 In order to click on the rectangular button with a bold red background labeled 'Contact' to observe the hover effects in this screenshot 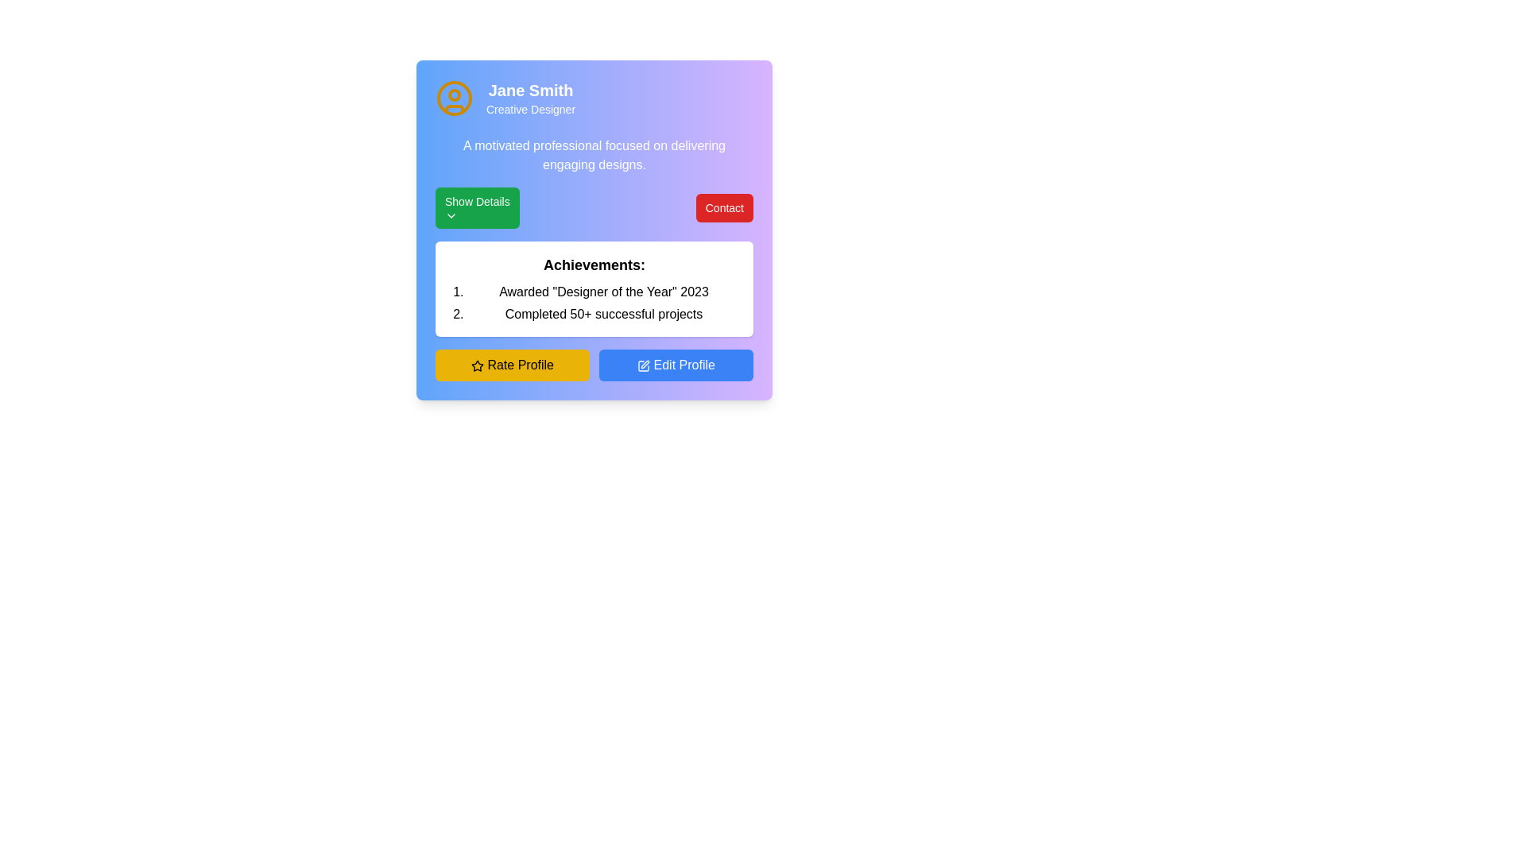, I will do `click(723, 207)`.